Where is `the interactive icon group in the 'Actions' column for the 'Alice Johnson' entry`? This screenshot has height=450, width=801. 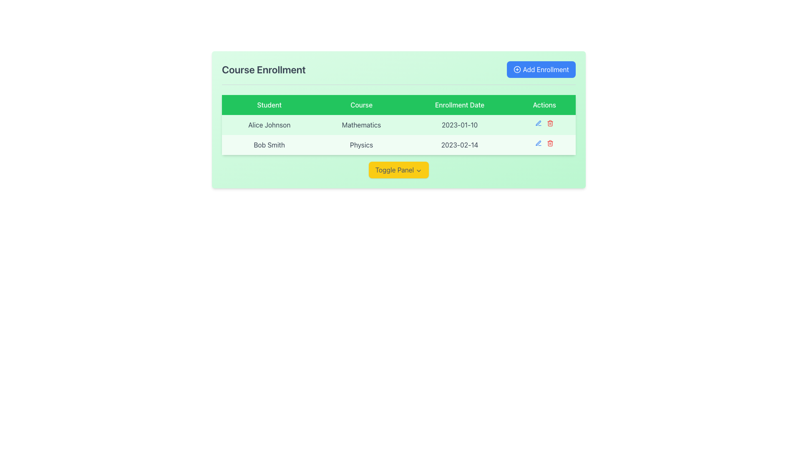
the interactive icon group in the 'Actions' column for the 'Alice Johnson' entry is located at coordinates (544, 123).